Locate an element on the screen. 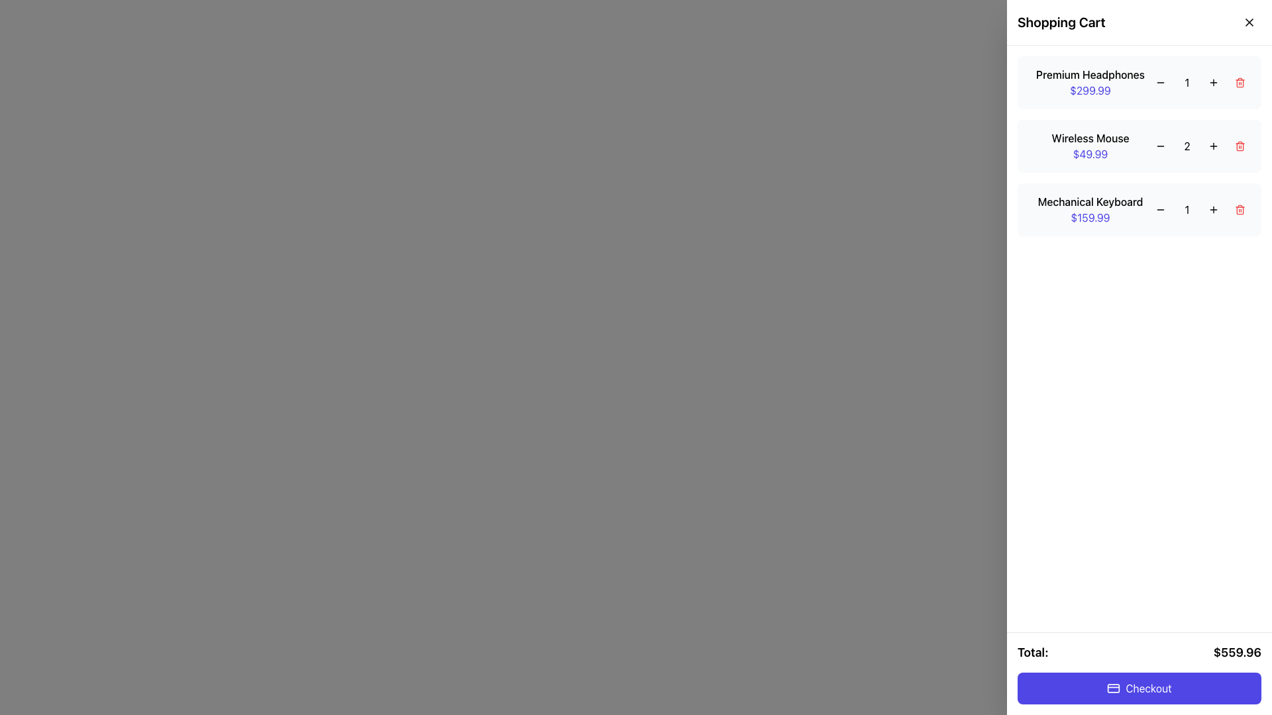 The height and width of the screenshot is (715, 1272). the small circular button with a minus symbol located inside the third item in the shopping cart list for the Mechanical Keyboard is located at coordinates (1160, 209).